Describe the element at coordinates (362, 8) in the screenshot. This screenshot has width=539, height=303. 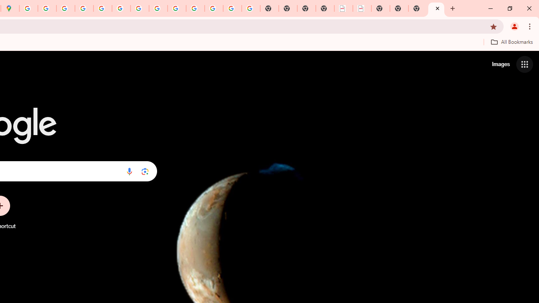
I see `'BAE Systems Brasil | BAE Systems'` at that location.